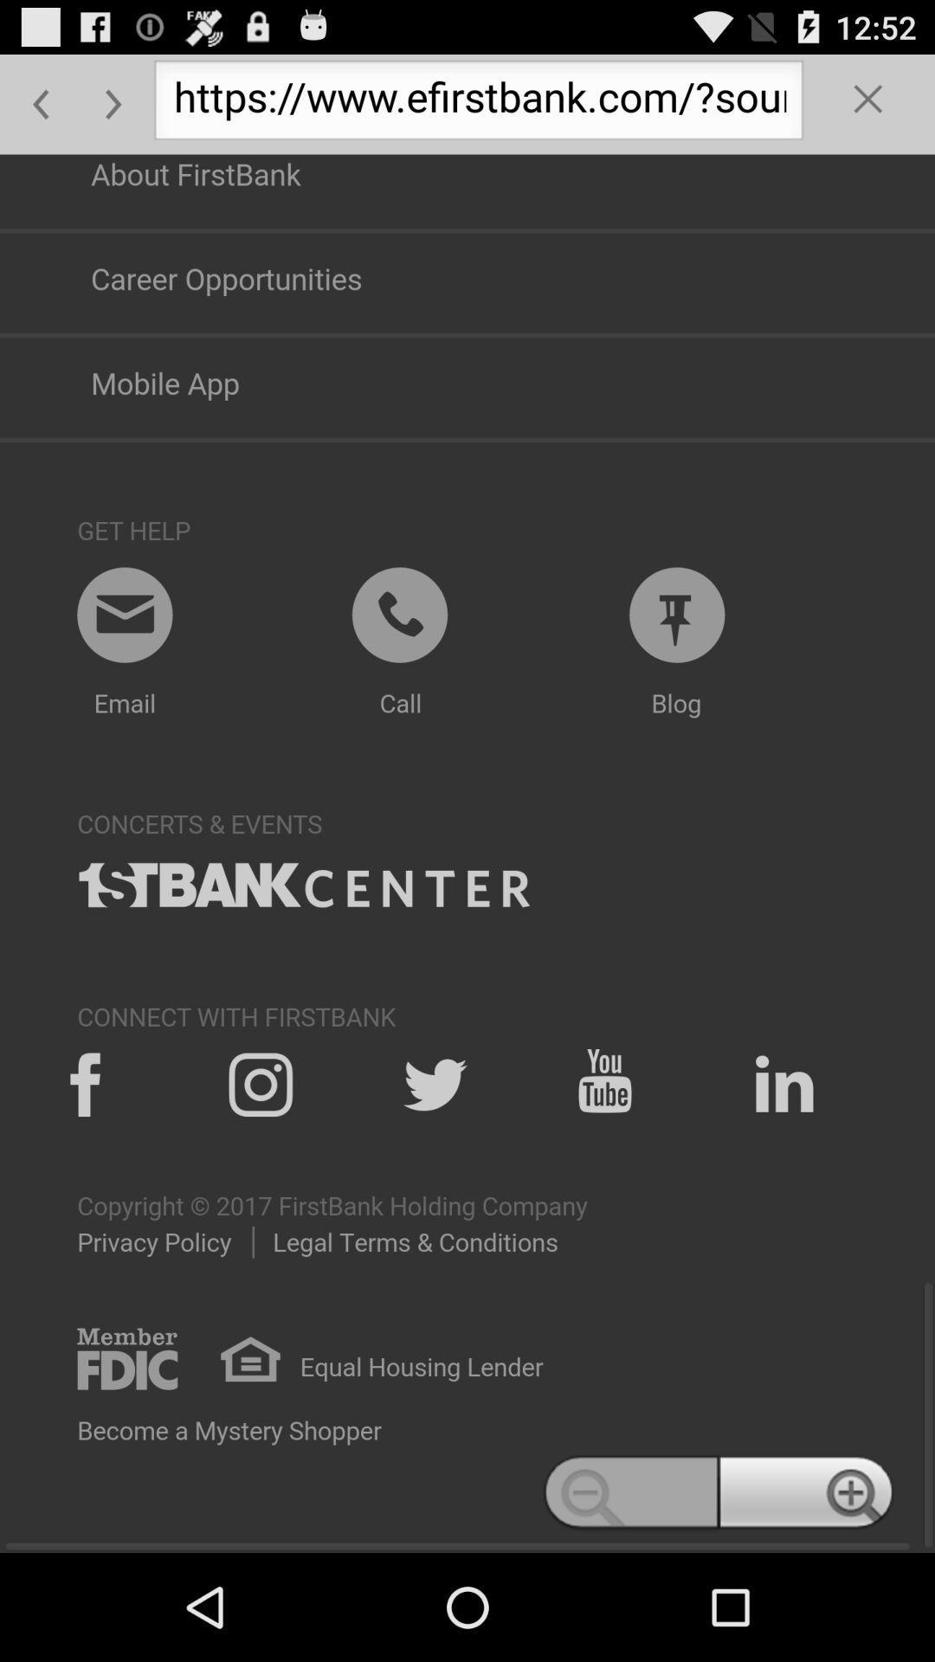 The width and height of the screenshot is (935, 1662). What do you see at coordinates (113, 111) in the screenshot?
I see `the arrow_forward icon` at bounding box center [113, 111].